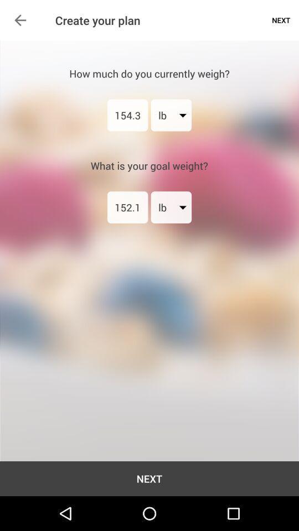  I want to click on the 154.3 icon, so click(127, 115).